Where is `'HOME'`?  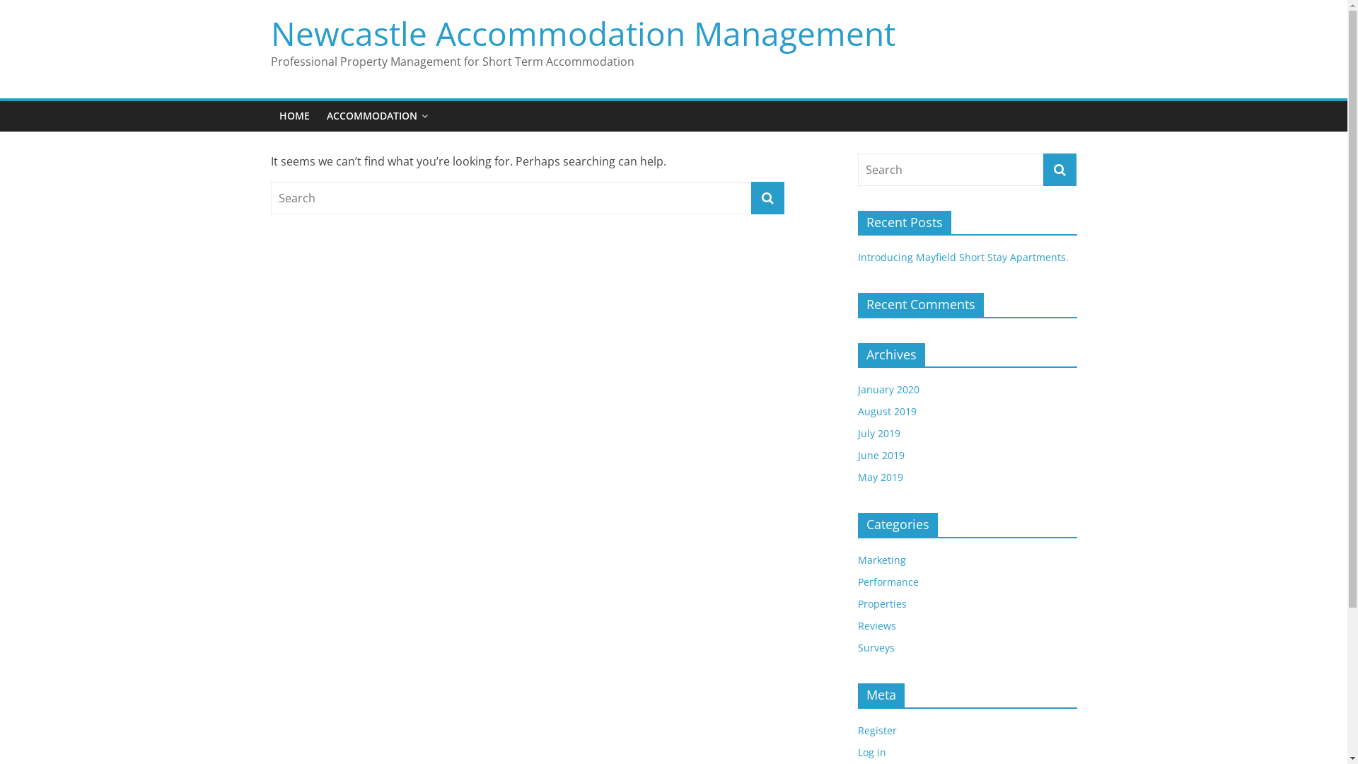
'HOME' is located at coordinates (293, 115).